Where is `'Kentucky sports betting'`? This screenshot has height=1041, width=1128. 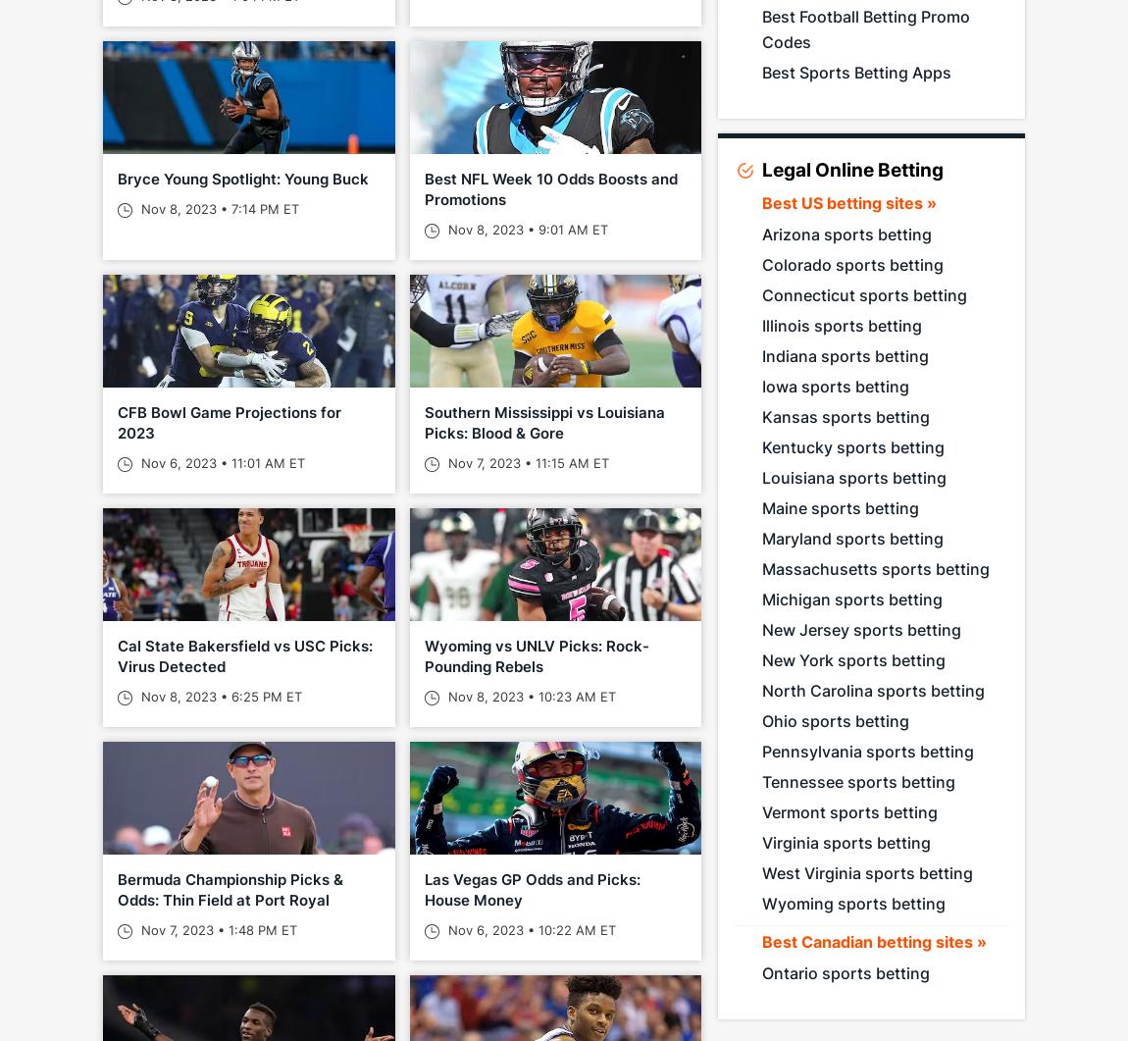 'Kentucky sports betting' is located at coordinates (852, 447).